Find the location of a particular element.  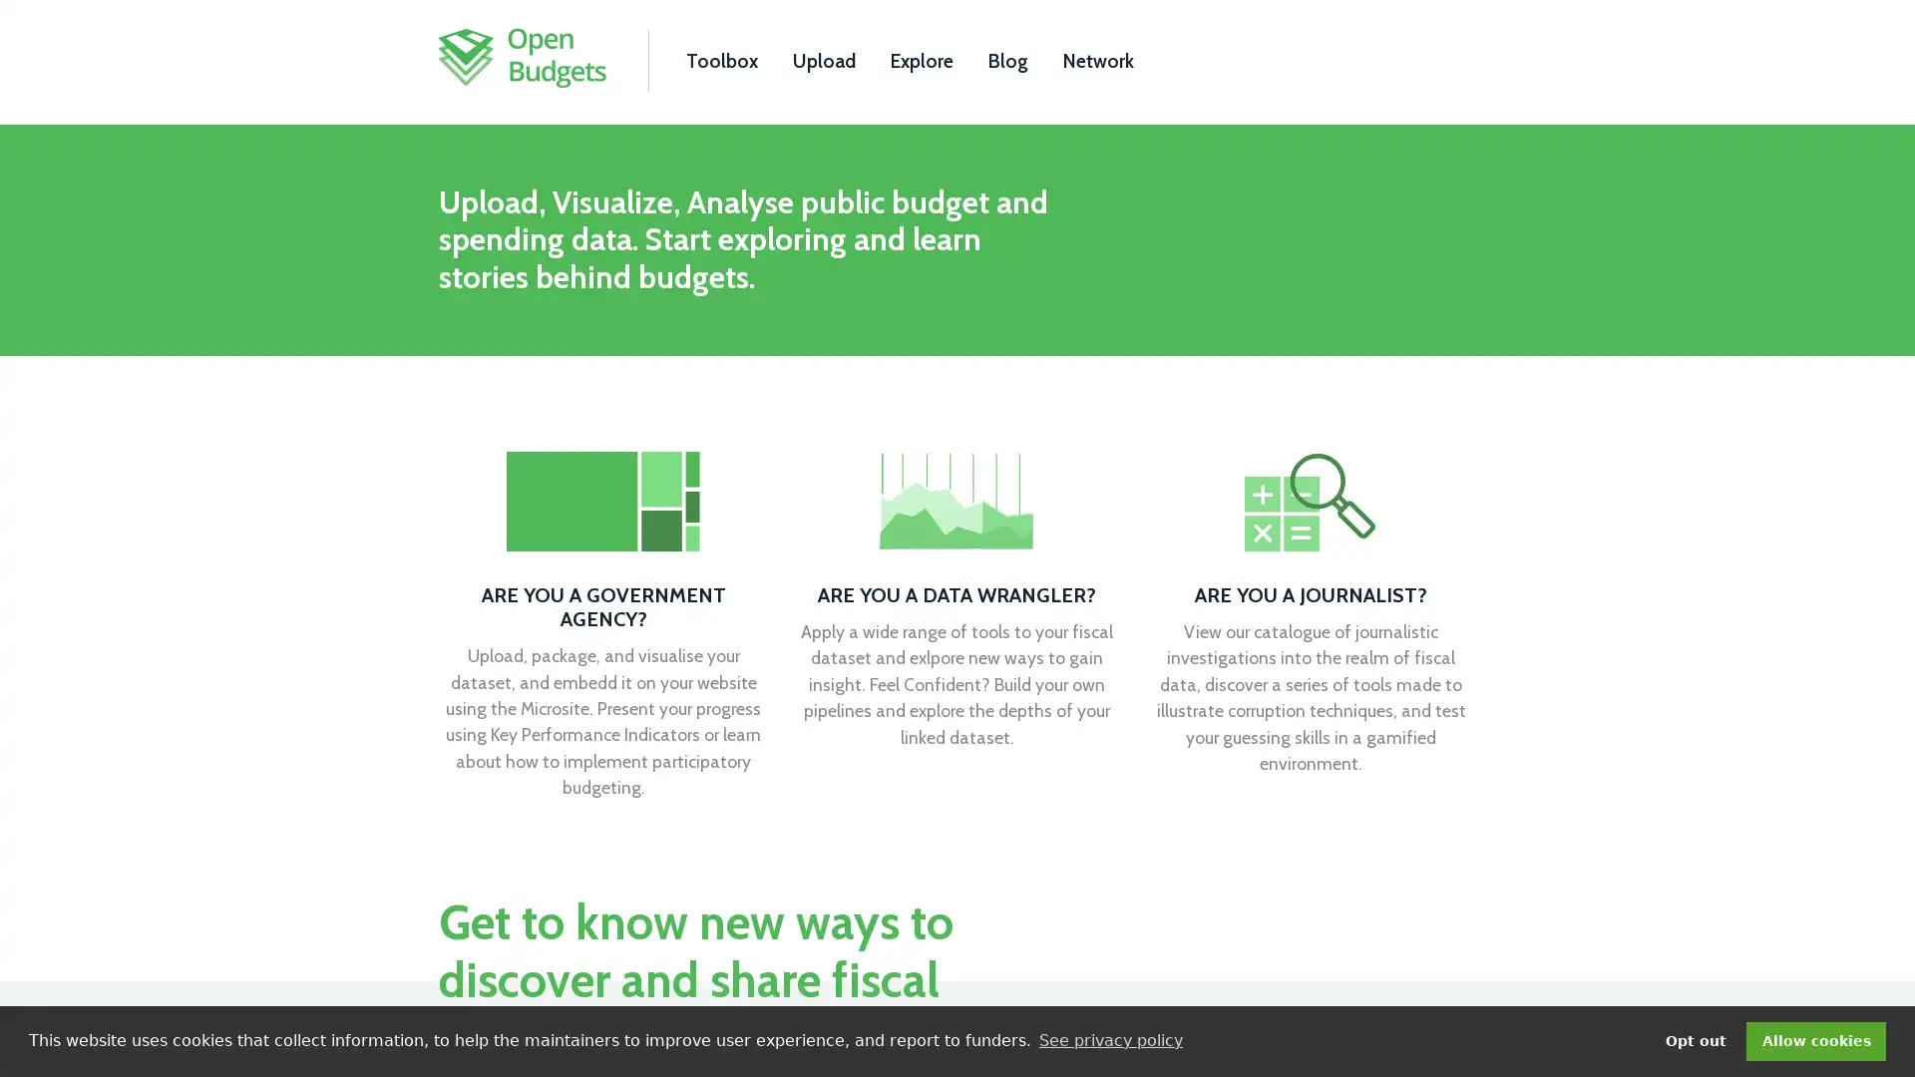

learn more about cookies is located at coordinates (1109, 1040).